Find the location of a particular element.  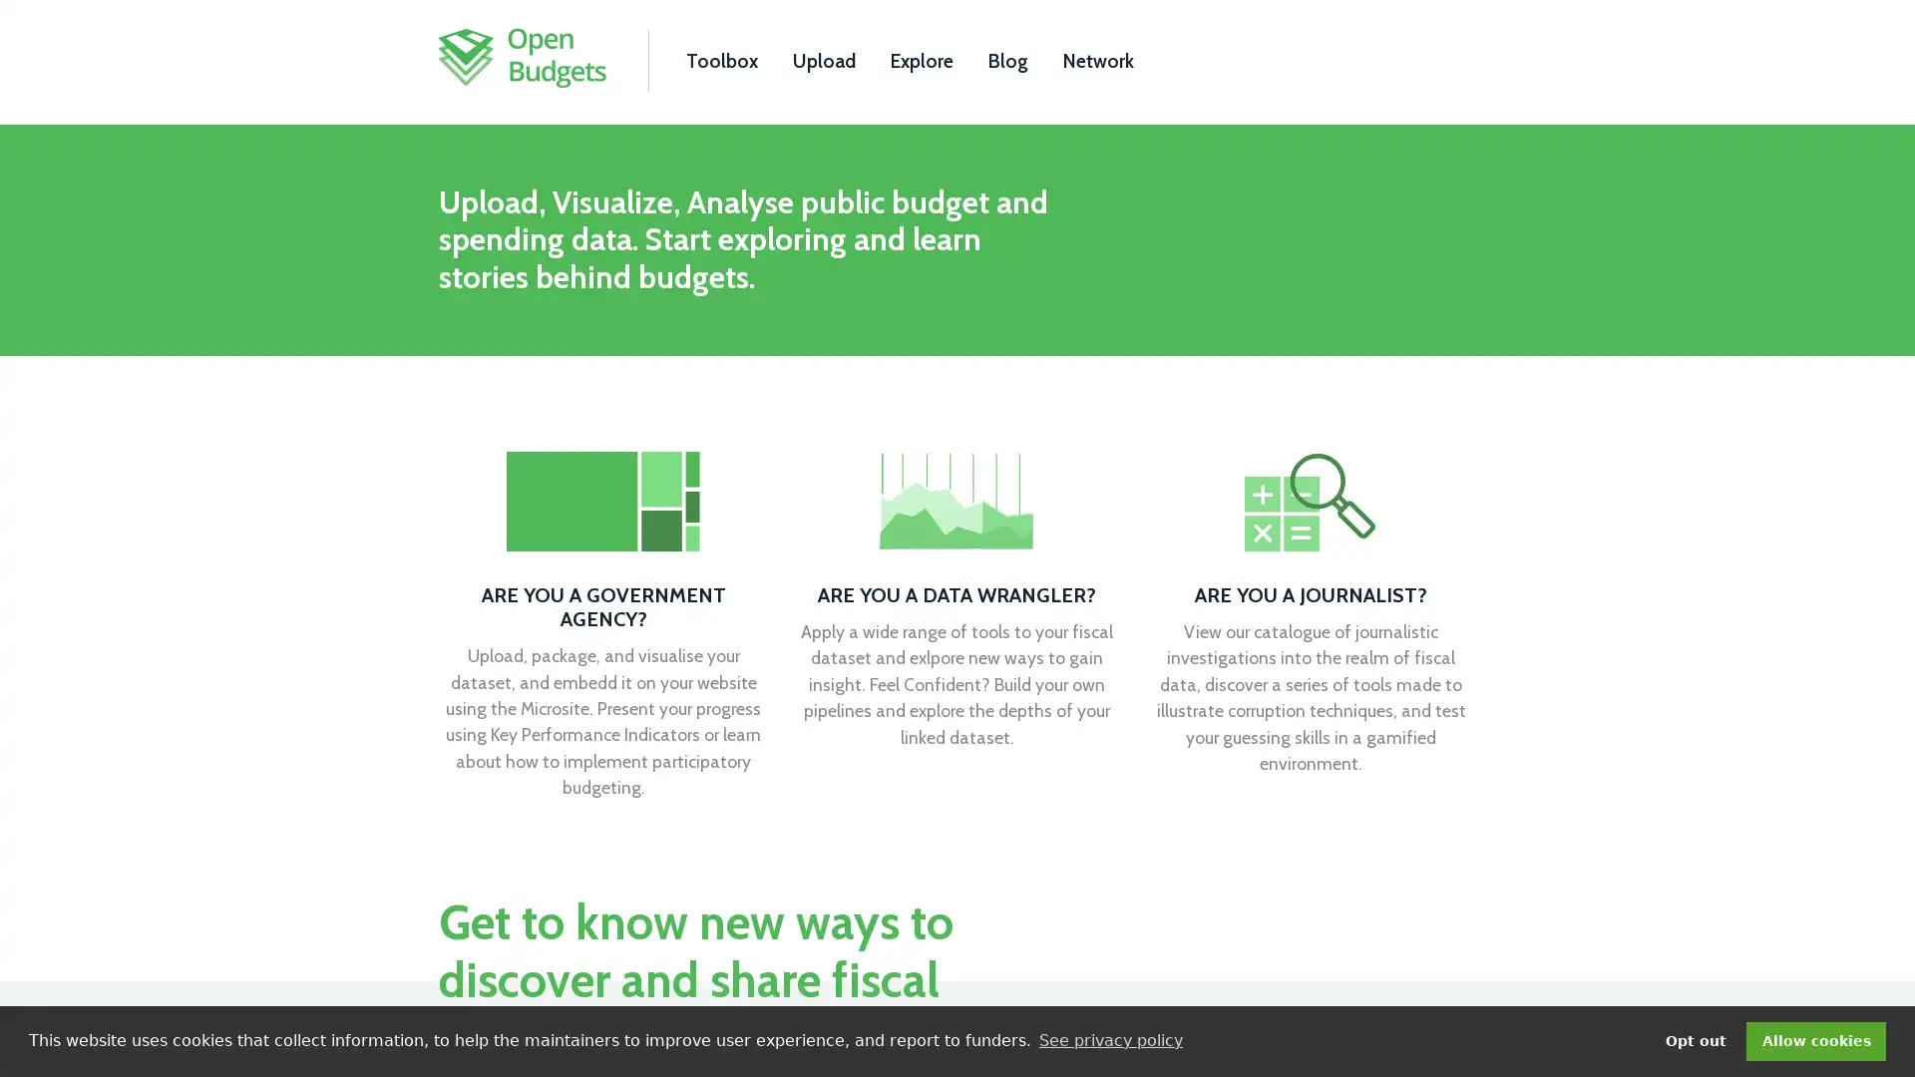

learn more about cookies is located at coordinates (1109, 1040).